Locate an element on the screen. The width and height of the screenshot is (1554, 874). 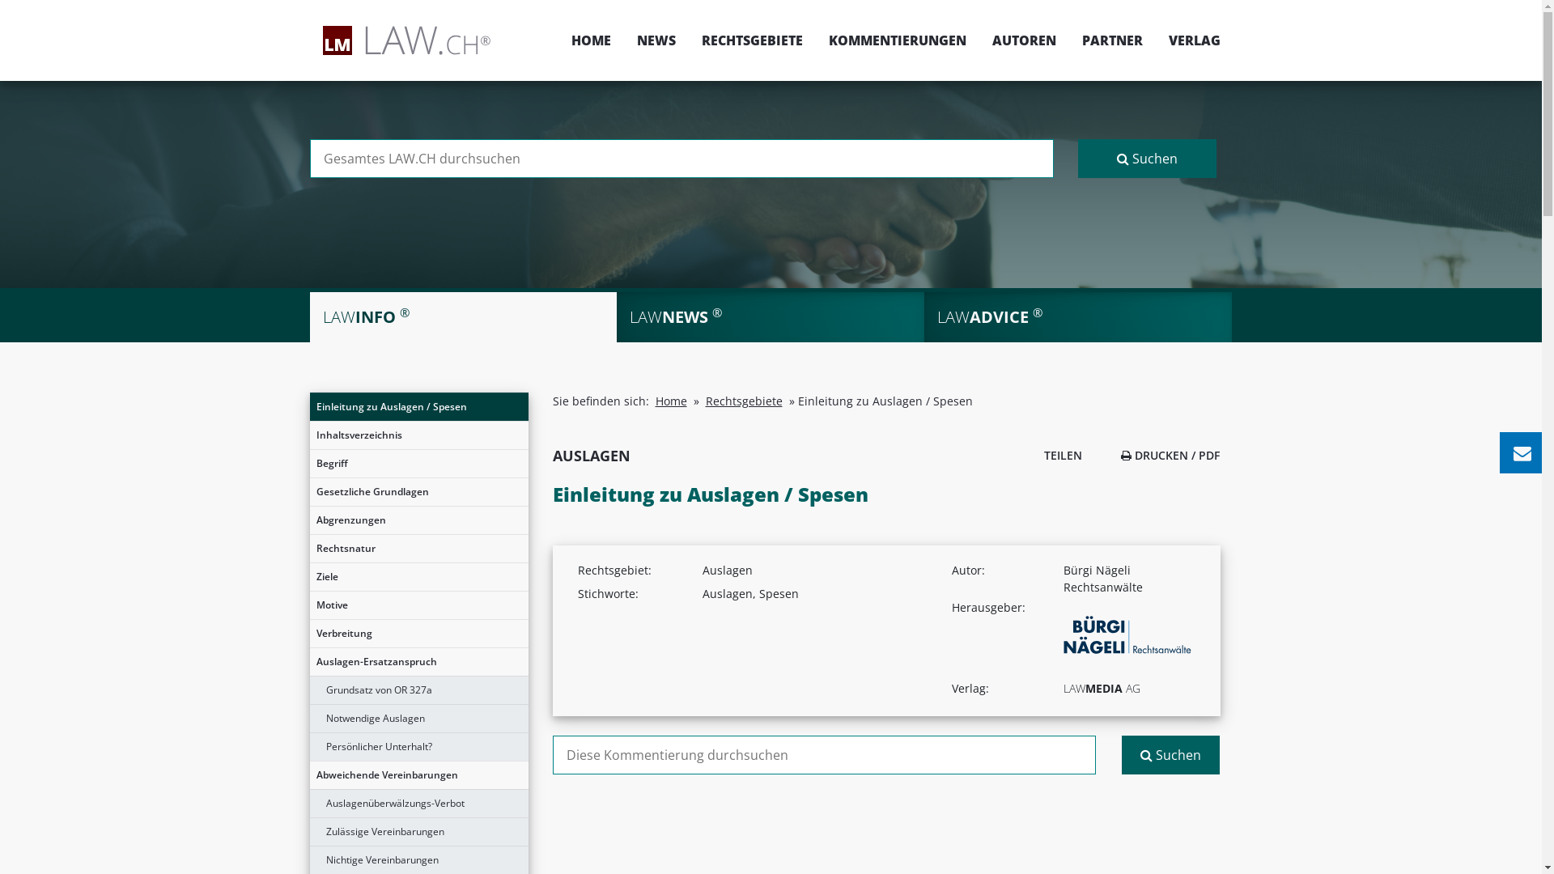
'KOMMENTIERUNGEN' is located at coordinates (896, 40).